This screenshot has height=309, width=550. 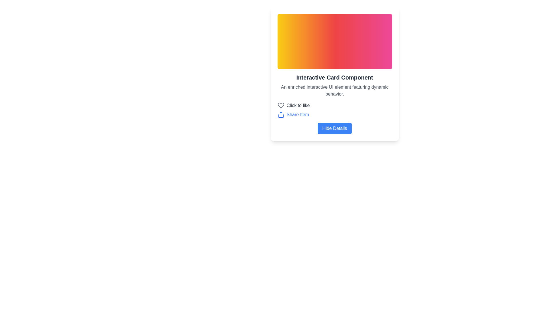 I want to click on the 'Share' SVG interactive icon located to the immediate left of the 'Share Item' label at the bottom section of the card layout component, so click(x=281, y=115).